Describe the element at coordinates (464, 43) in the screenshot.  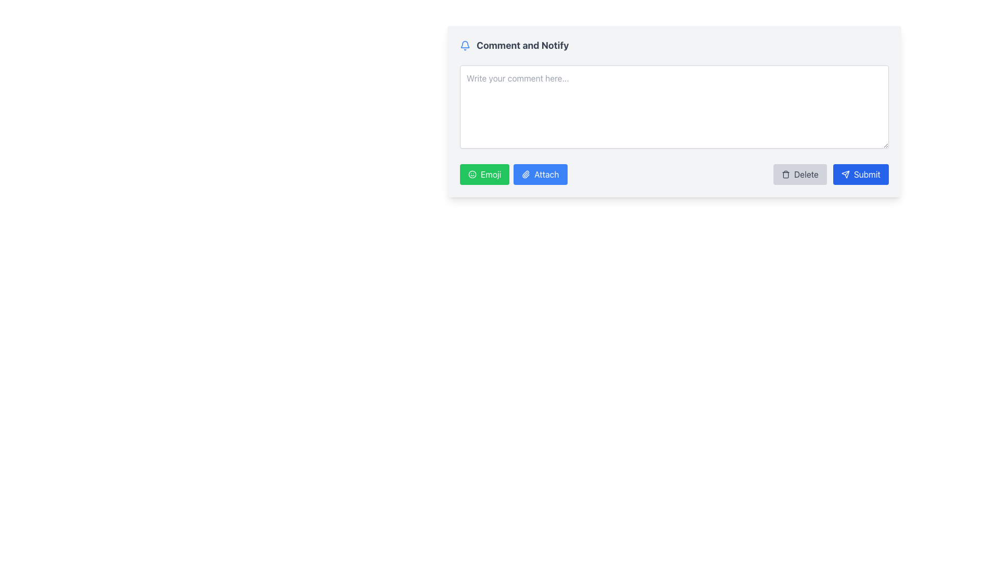
I see `the notification bell icon located at the top-left side of the comment box header` at that location.